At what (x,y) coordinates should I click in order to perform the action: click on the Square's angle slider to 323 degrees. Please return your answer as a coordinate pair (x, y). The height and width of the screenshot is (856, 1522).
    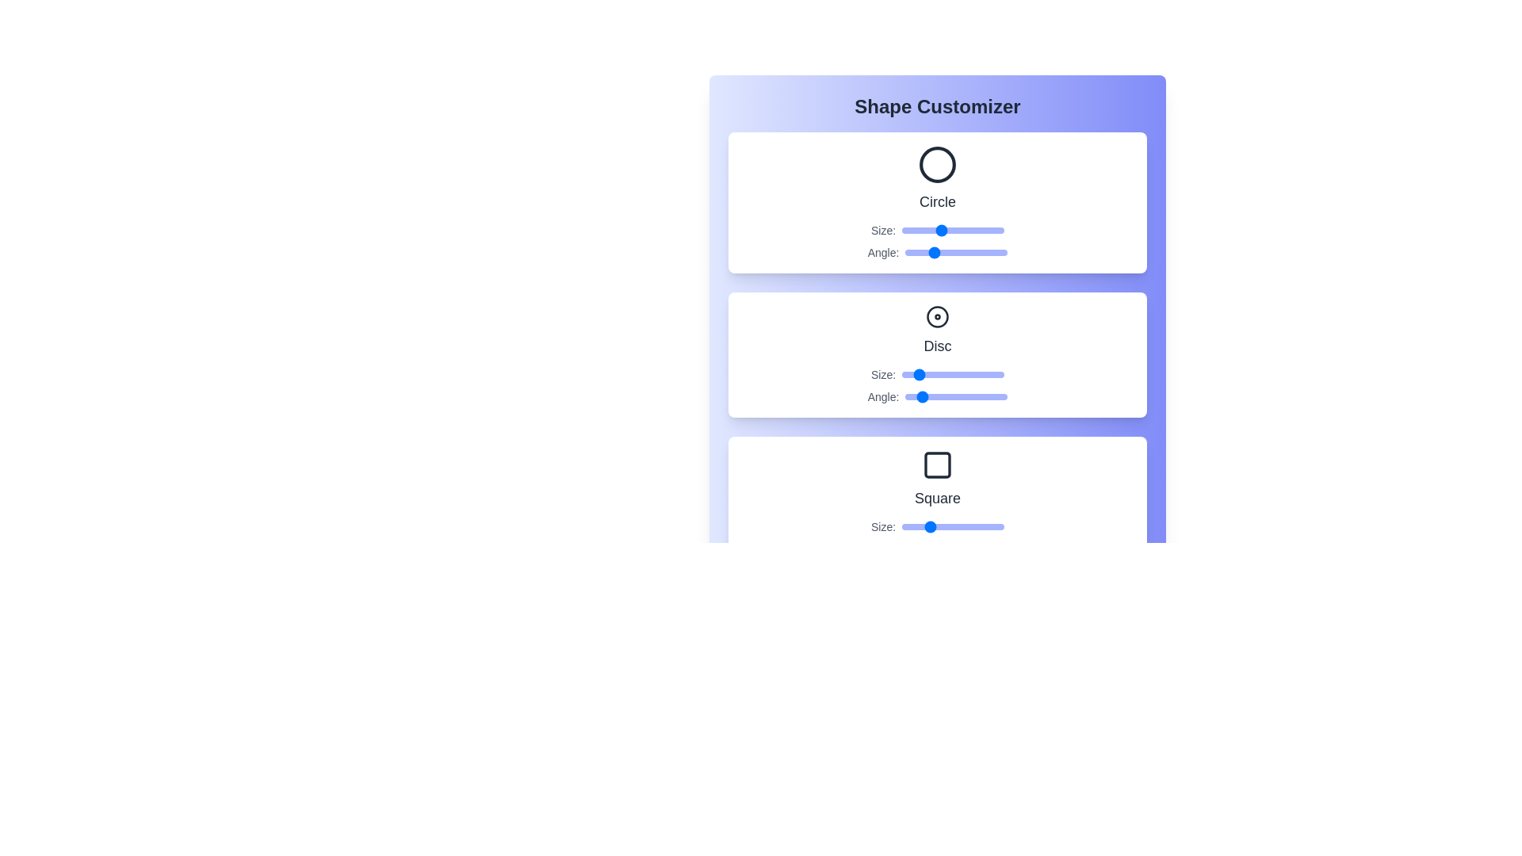
    Looking at the image, I should click on (996, 548).